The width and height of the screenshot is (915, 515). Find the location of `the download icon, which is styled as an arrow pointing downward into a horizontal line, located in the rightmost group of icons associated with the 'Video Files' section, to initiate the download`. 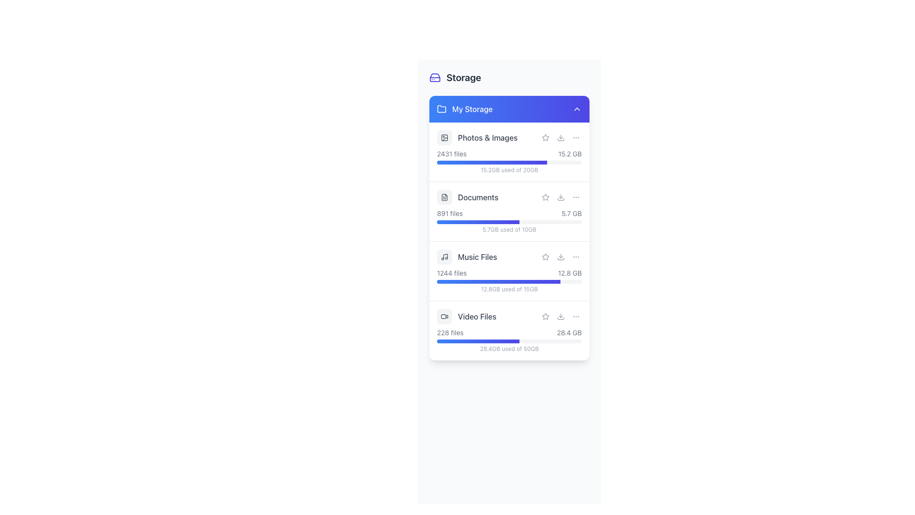

the download icon, which is styled as an arrow pointing downward into a horizontal line, located in the rightmost group of icons associated with the 'Video Files' section, to initiate the download is located at coordinates (560, 316).